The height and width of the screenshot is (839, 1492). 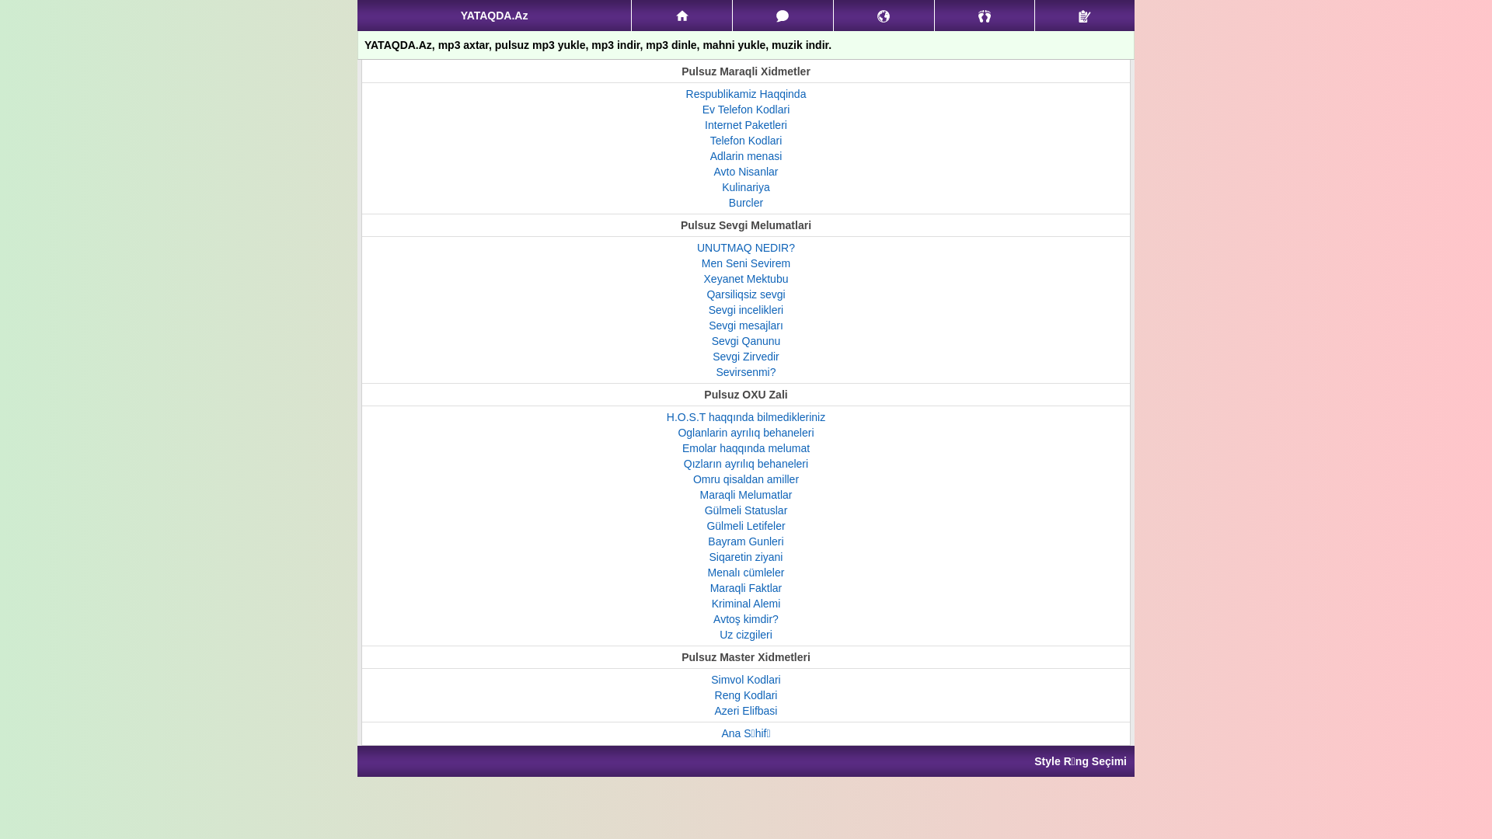 I want to click on 'Adlarin menasi', so click(x=746, y=155).